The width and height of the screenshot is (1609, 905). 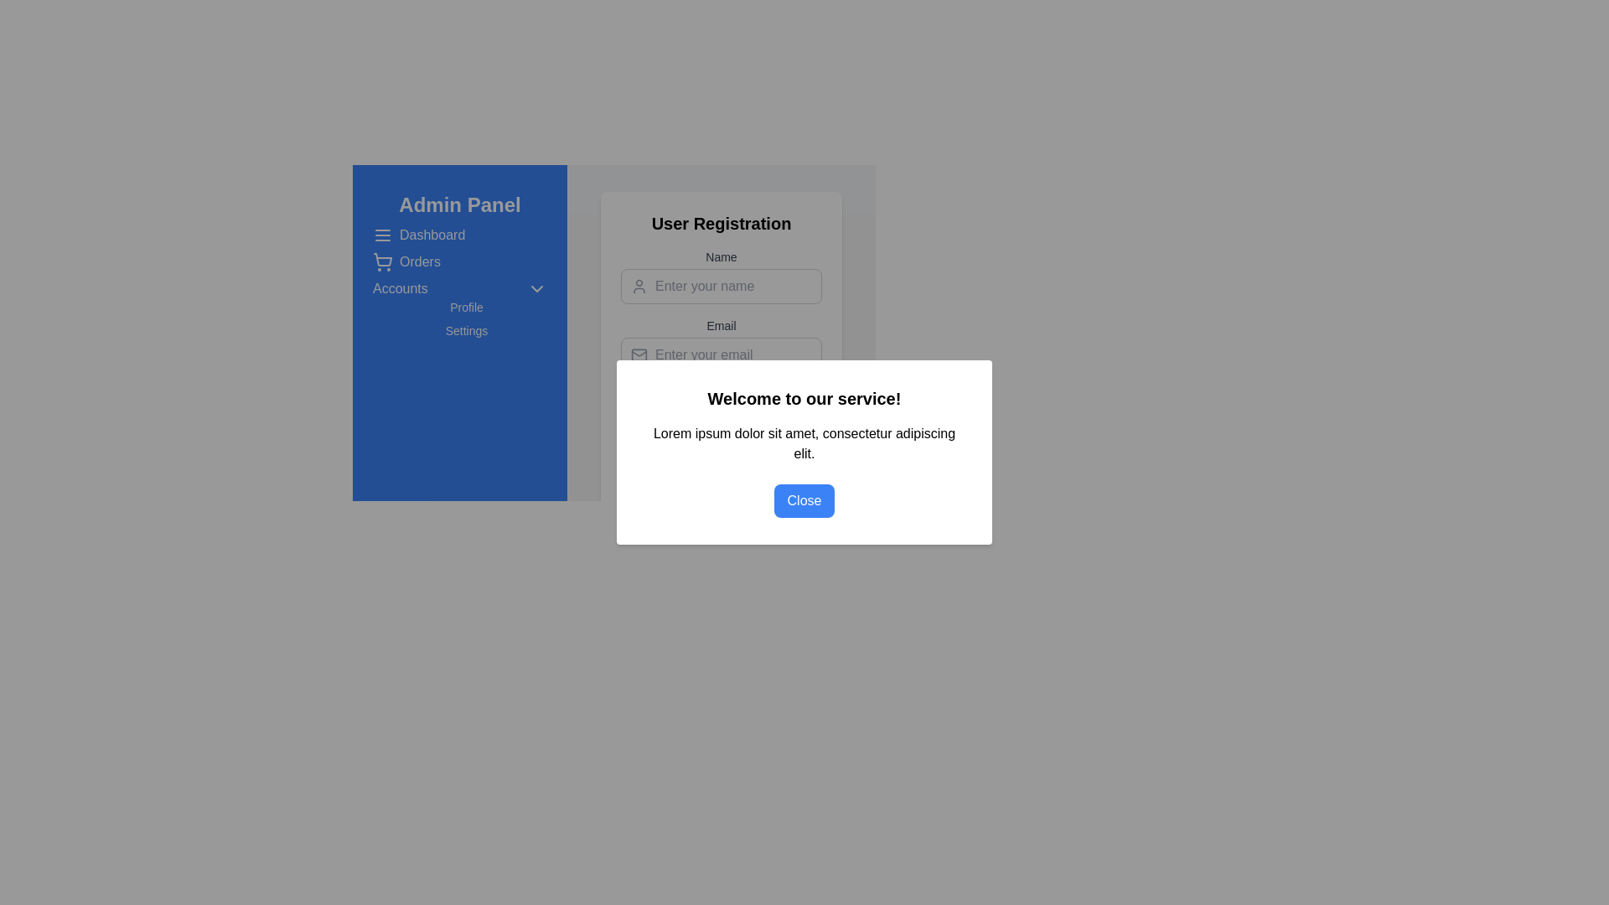 What do you see at coordinates (721, 222) in the screenshot?
I see `the Text Header that serves as the title for the registration form, providing context about the form's purpose` at bounding box center [721, 222].